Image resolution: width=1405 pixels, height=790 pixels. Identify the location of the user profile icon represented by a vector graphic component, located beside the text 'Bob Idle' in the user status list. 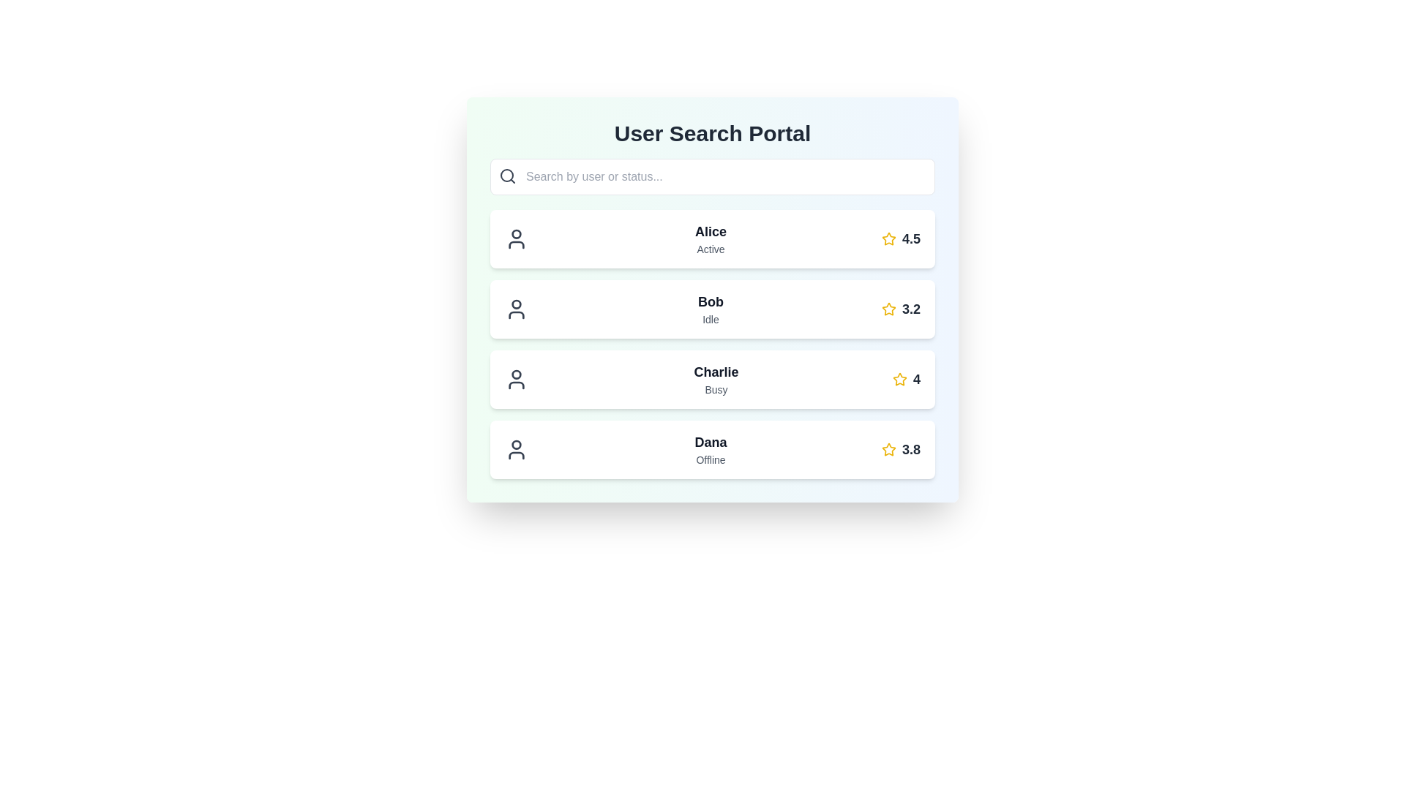
(516, 315).